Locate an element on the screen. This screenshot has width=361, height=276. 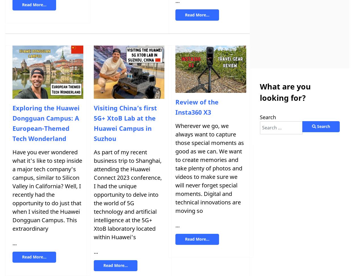
'Wherever we go, we always want to capture those special moments as good as we can. We want to create memories and take plenty of photos and videos to make sure we will never forget special moments. Digital and technical innovations are moving so' is located at coordinates (209, 168).